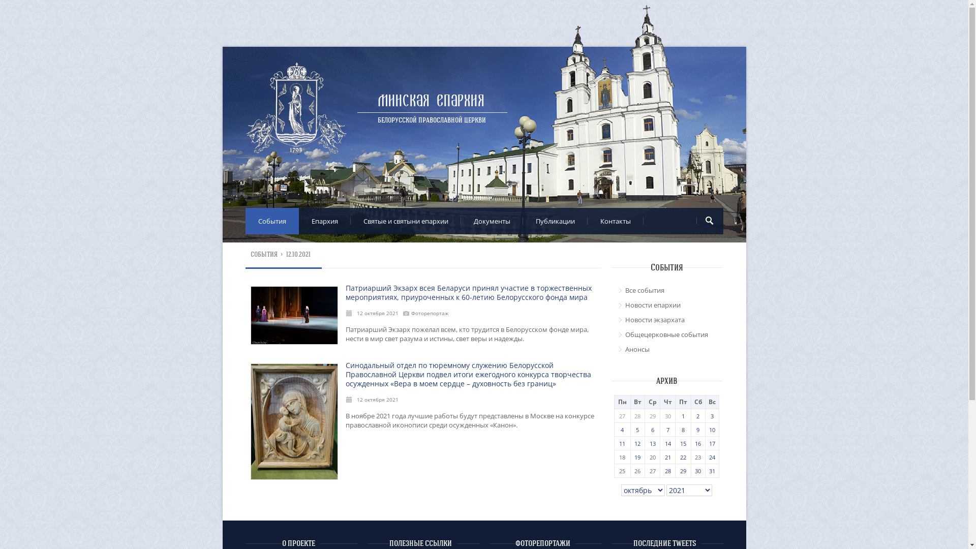 The image size is (976, 549). What do you see at coordinates (285, 254) in the screenshot?
I see `'12.10.2021'` at bounding box center [285, 254].